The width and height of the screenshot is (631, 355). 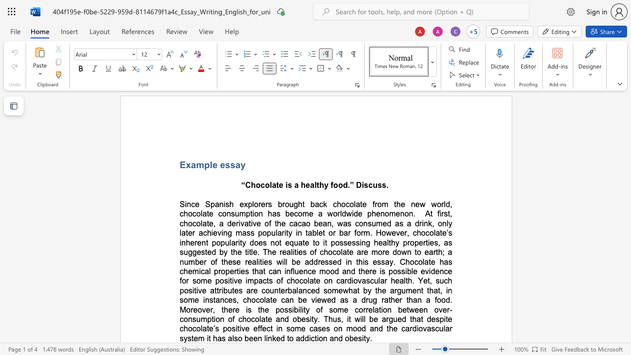 I want to click on the space between the continuous character "l" and "i" in the text, so click(x=266, y=338).